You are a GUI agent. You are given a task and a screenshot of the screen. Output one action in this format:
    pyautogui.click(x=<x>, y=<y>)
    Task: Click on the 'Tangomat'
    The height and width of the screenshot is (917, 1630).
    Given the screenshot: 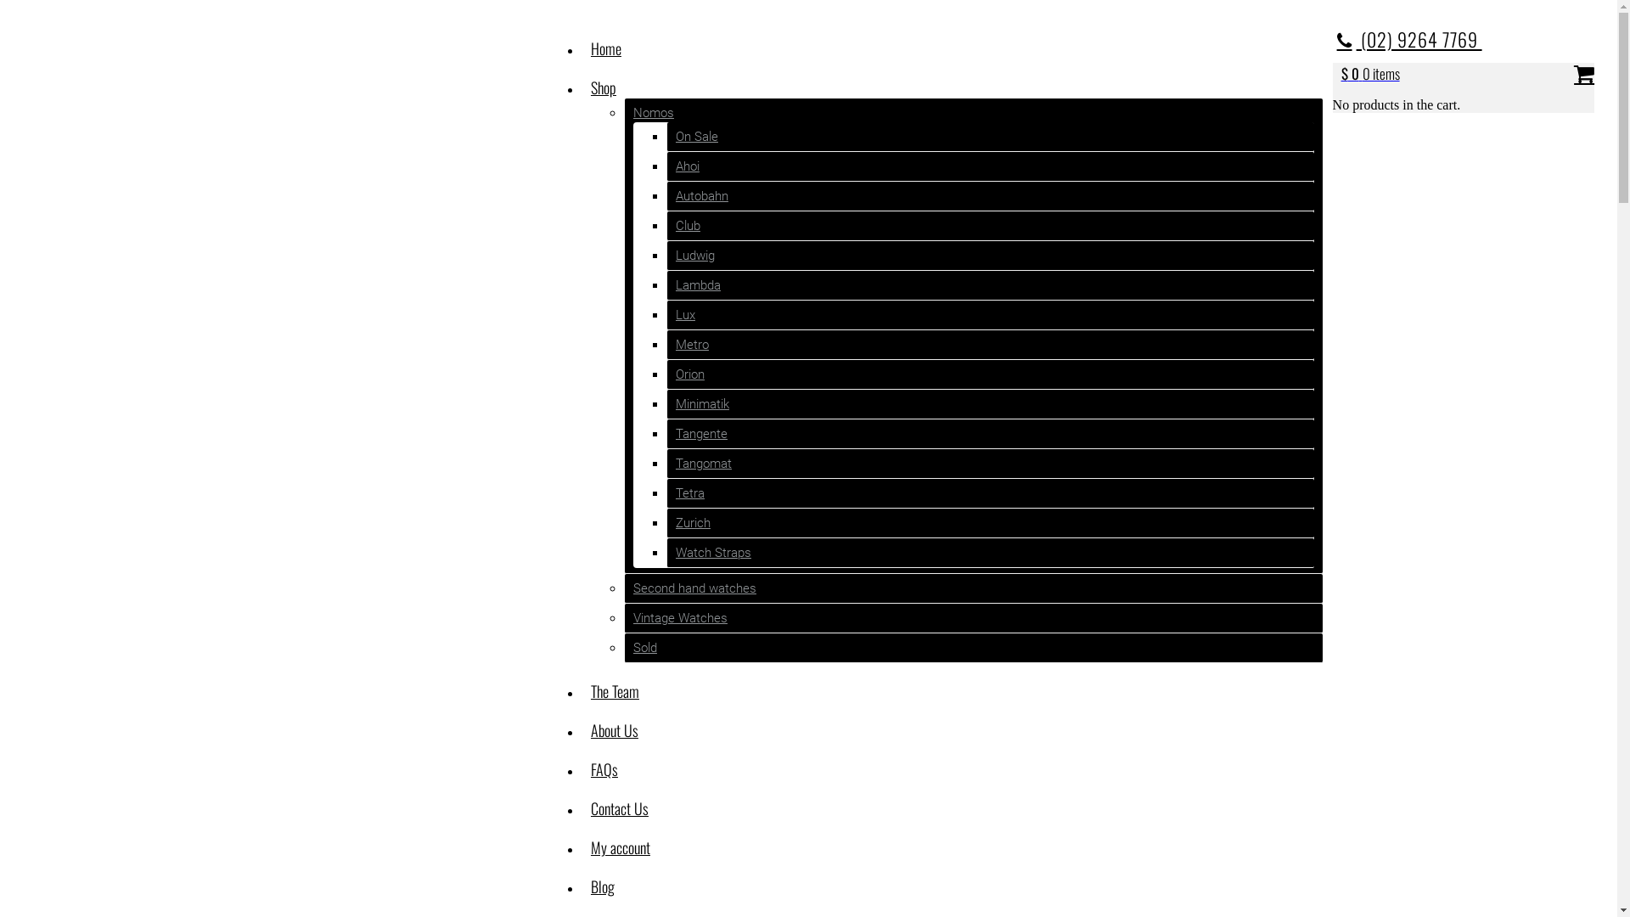 What is the action you would take?
    pyautogui.click(x=704, y=464)
    